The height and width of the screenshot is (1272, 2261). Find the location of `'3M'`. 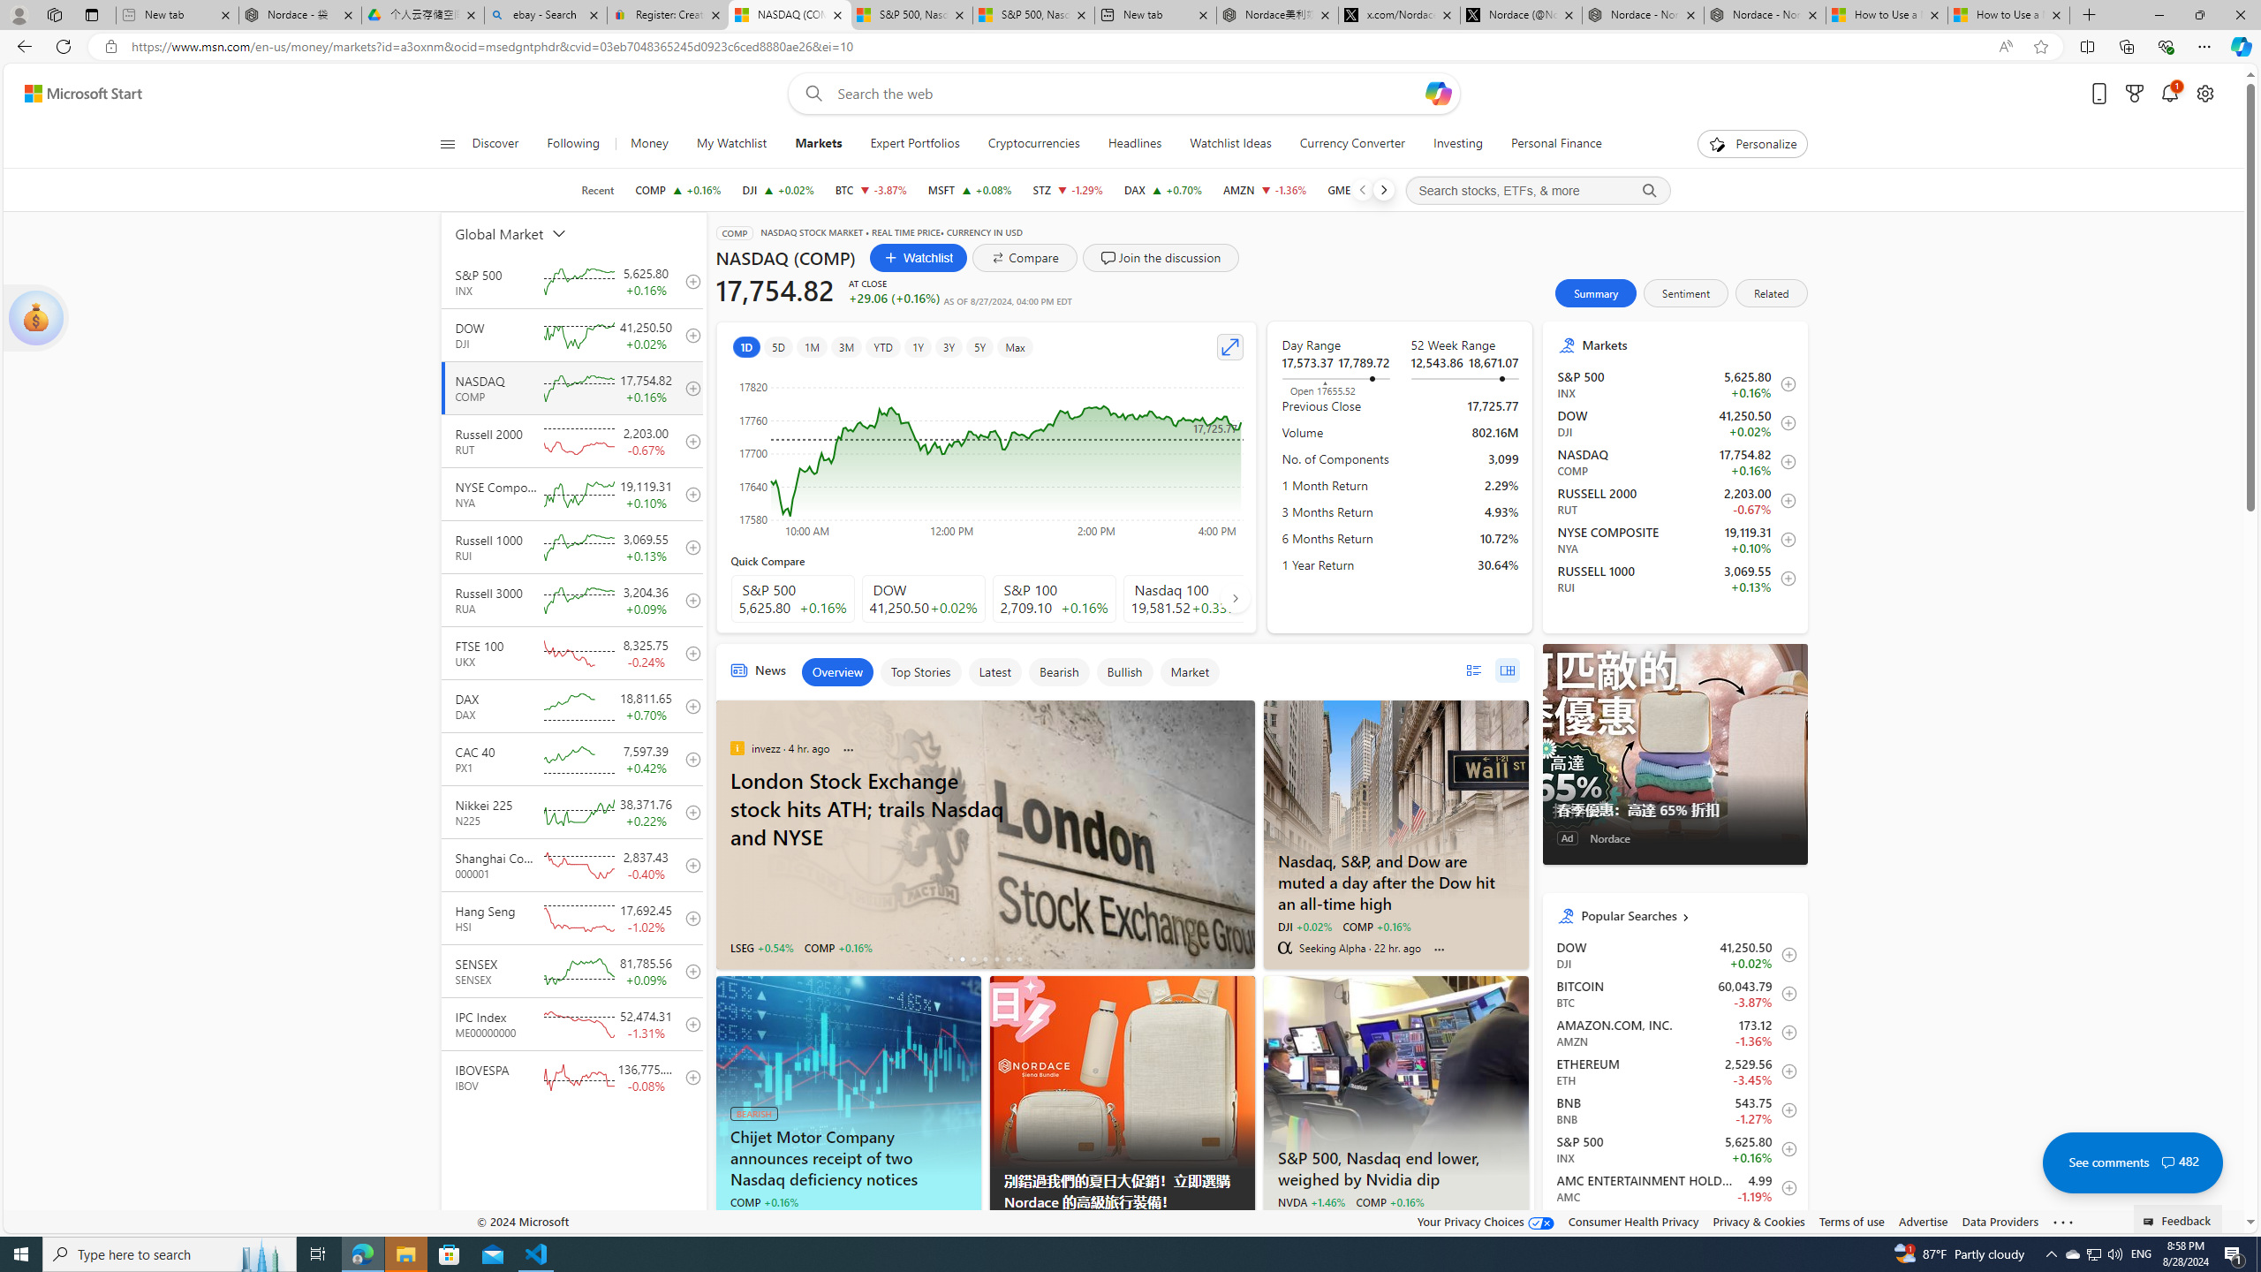

'3M' is located at coordinates (847, 346).